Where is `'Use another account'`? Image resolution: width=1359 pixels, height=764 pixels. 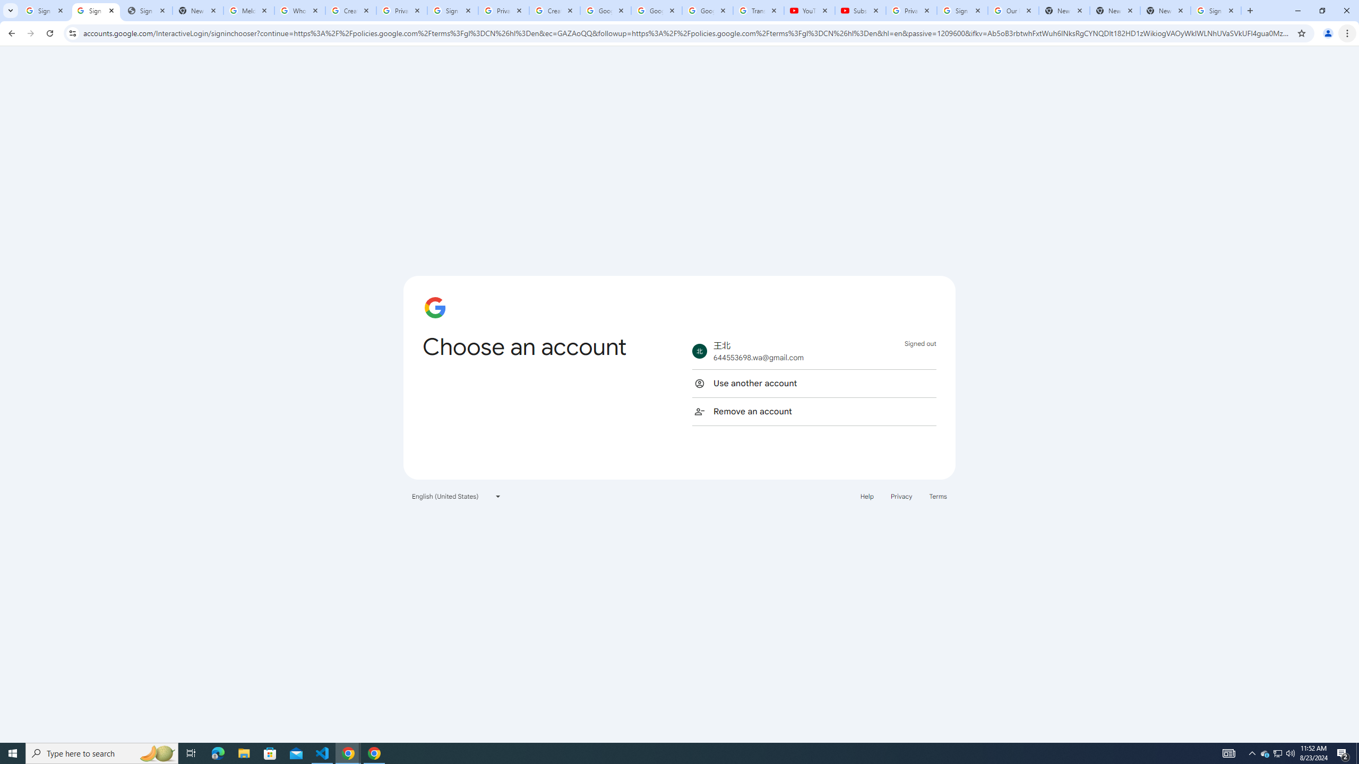
'Use another account' is located at coordinates (813, 383).